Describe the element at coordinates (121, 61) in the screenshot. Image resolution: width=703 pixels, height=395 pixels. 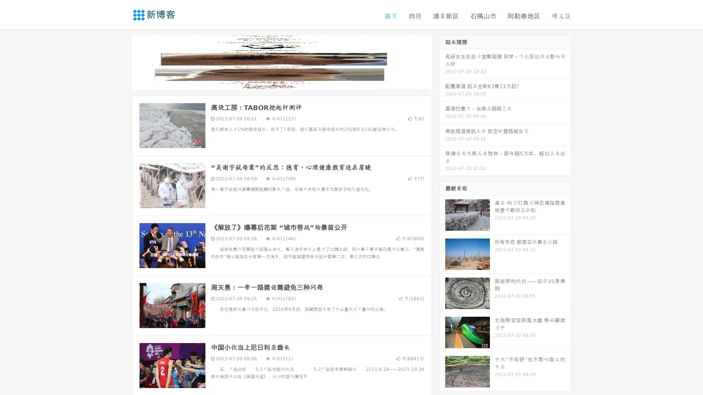
I see `Previous slide` at that location.